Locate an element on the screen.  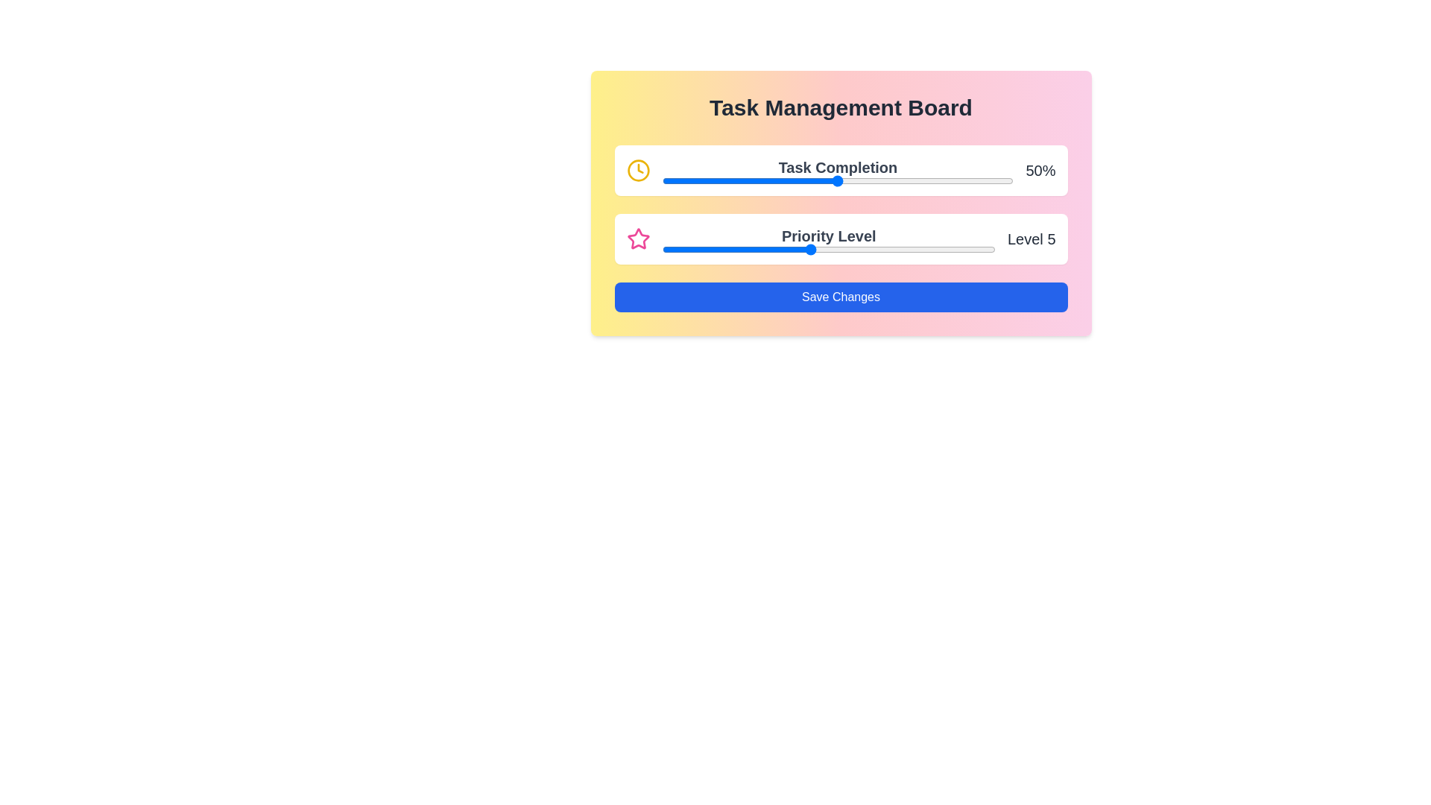
task completion is located at coordinates (721, 177).